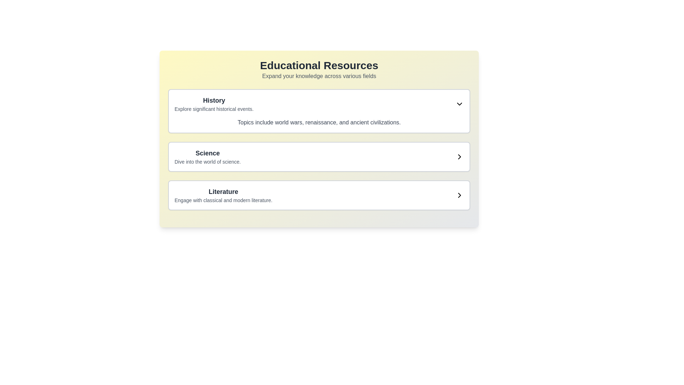 The image size is (684, 385). I want to click on the 'Literature' informational component located in the bottom section of the 'Educational Resources' list, so click(223, 195).